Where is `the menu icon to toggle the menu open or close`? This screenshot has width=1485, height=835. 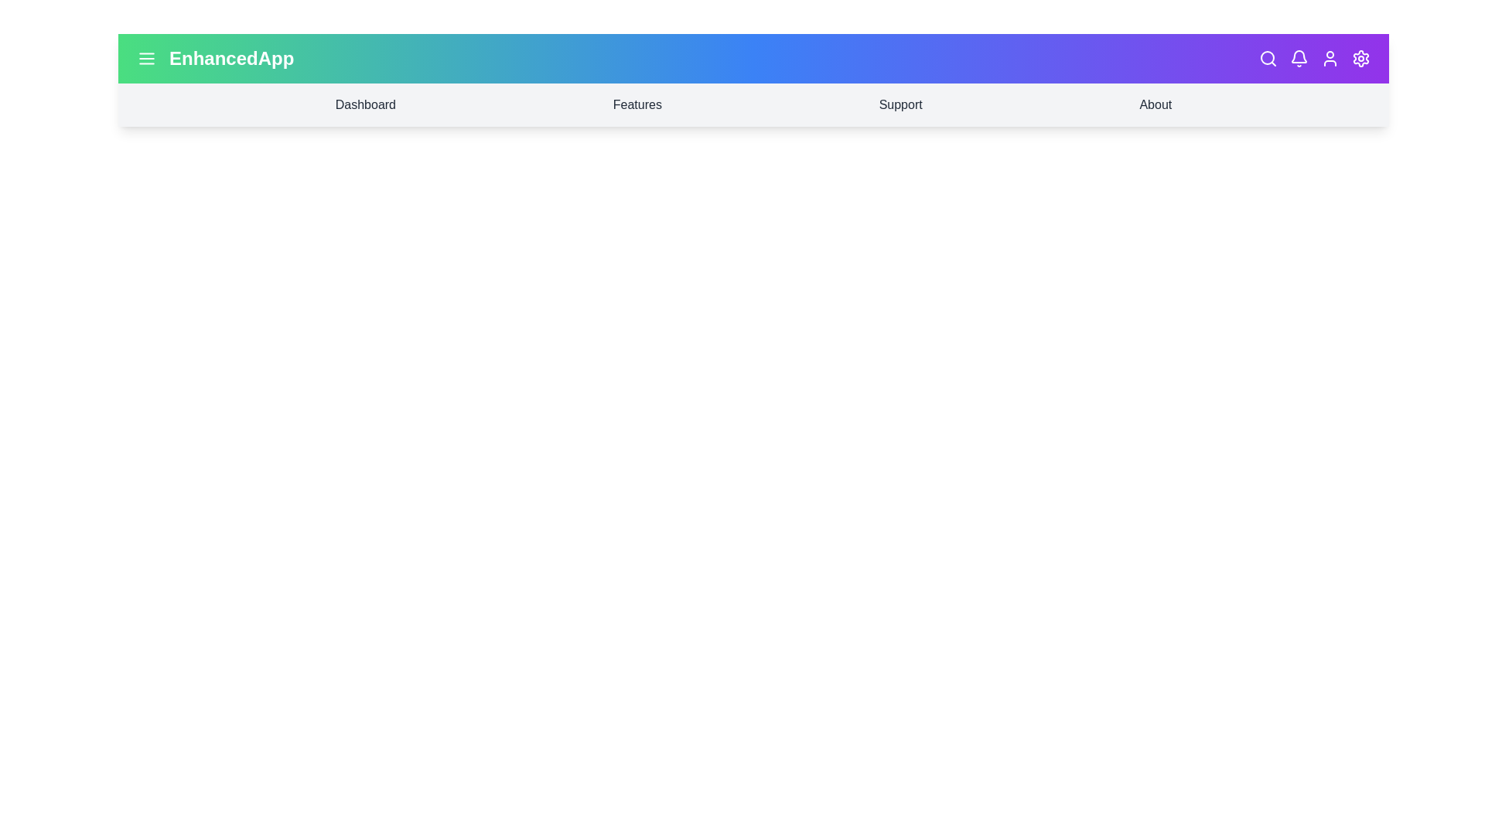
the menu icon to toggle the menu open or close is located at coordinates (147, 58).